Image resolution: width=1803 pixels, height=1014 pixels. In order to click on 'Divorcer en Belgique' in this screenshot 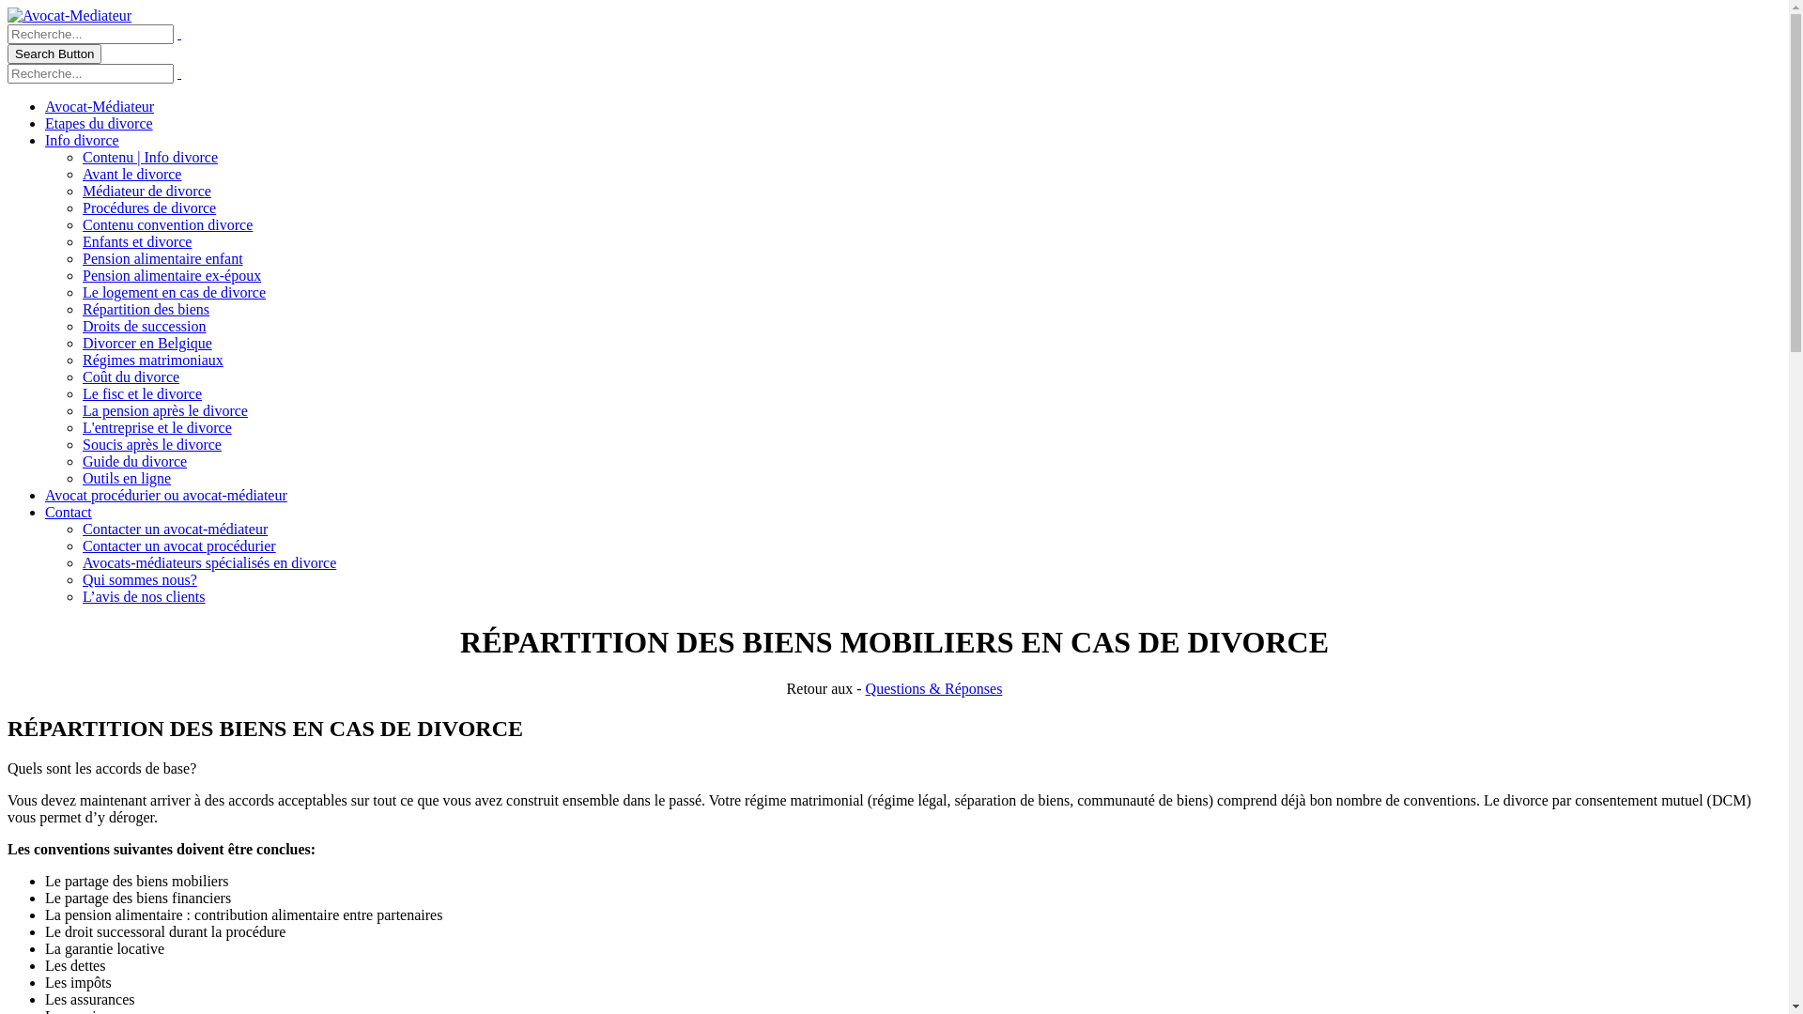, I will do `click(146, 343)`.